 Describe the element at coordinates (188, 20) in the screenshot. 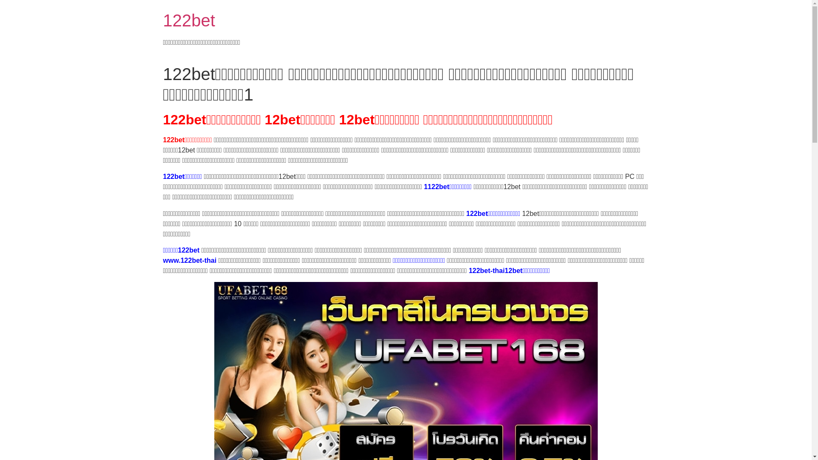

I see `'122bet'` at that location.